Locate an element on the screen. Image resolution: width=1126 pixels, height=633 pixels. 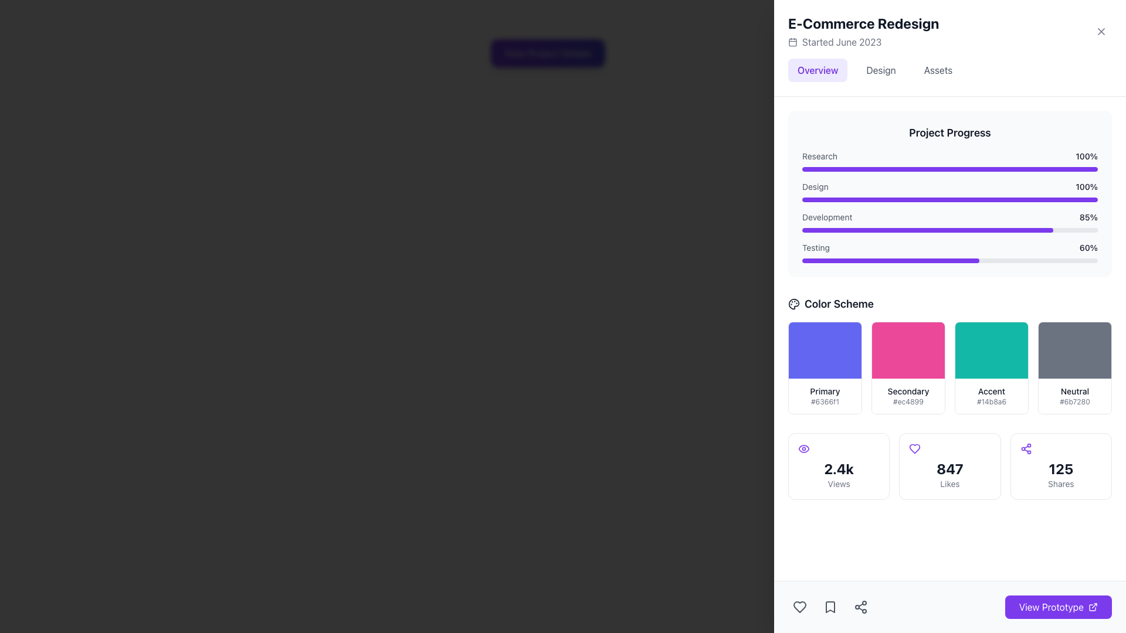
the static text label displaying the hexadecimal color code '#6b7280' located below the text 'Neutral' in the fourth box of the 'Color Scheme' section is located at coordinates (1075, 401).